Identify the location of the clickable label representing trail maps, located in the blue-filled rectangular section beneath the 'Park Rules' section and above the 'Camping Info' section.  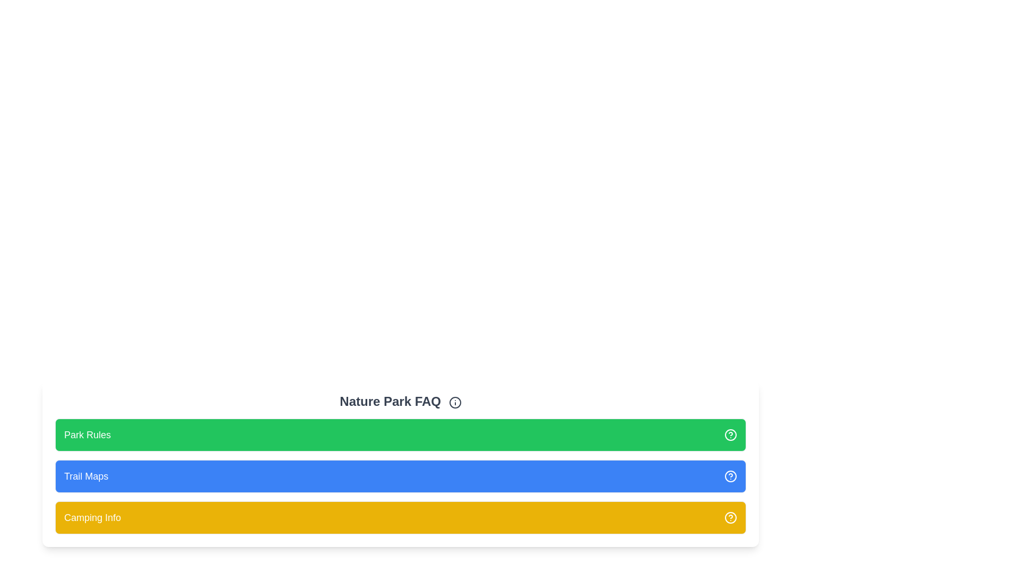
(86, 476).